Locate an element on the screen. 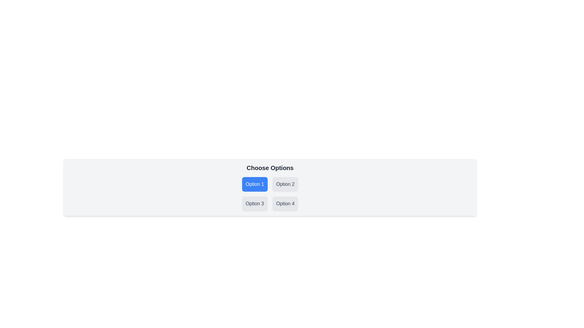 The width and height of the screenshot is (584, 328). the button is located at coordinates (255, 184).